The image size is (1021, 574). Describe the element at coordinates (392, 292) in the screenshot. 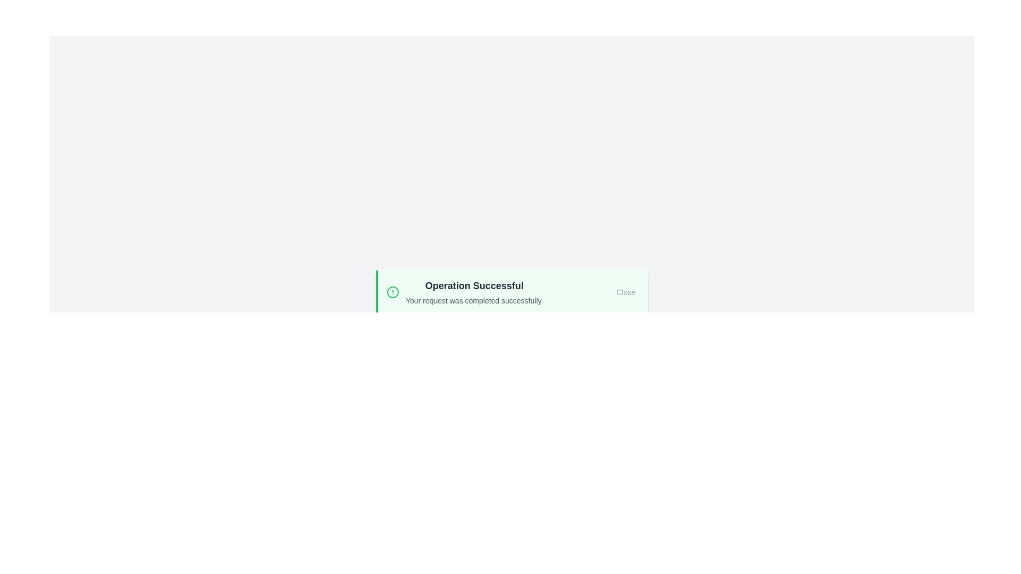

I see `the alert icon to inspect it` at that location.